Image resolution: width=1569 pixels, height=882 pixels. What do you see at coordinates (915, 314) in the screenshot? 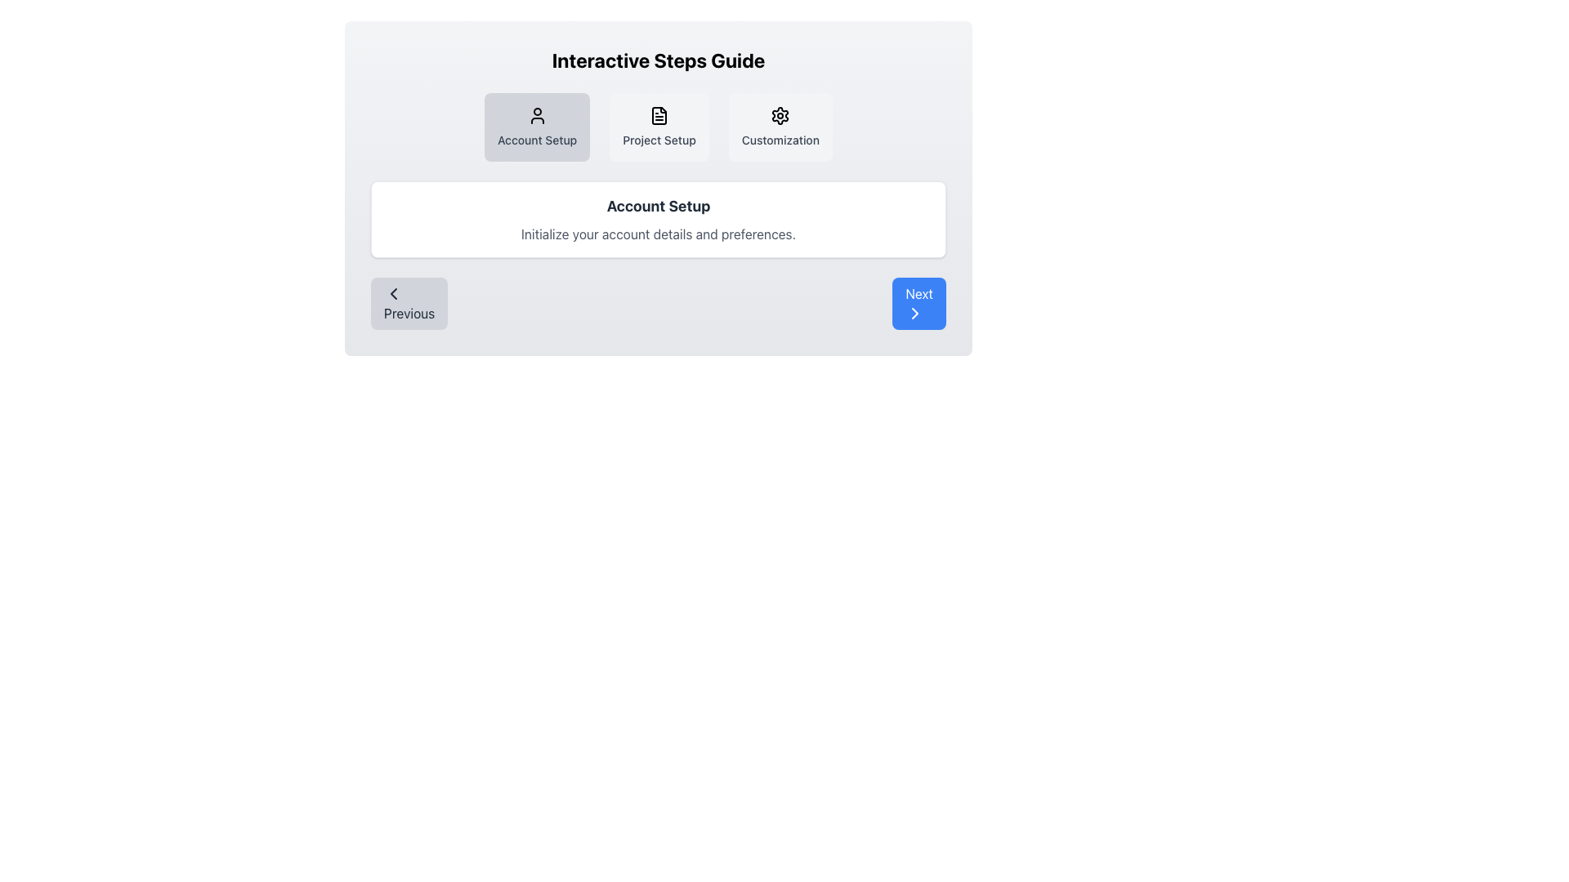
I see `the rightward-pointing chevron icon inside the blue 'Next' button located at the bottom-right of the interface` at bounding box center [915, 314].